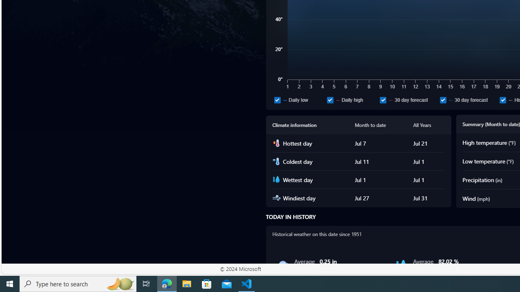 The width and height of the screenshot is (520, 292). I want to click on '30 day forecast', so click(468, 99).